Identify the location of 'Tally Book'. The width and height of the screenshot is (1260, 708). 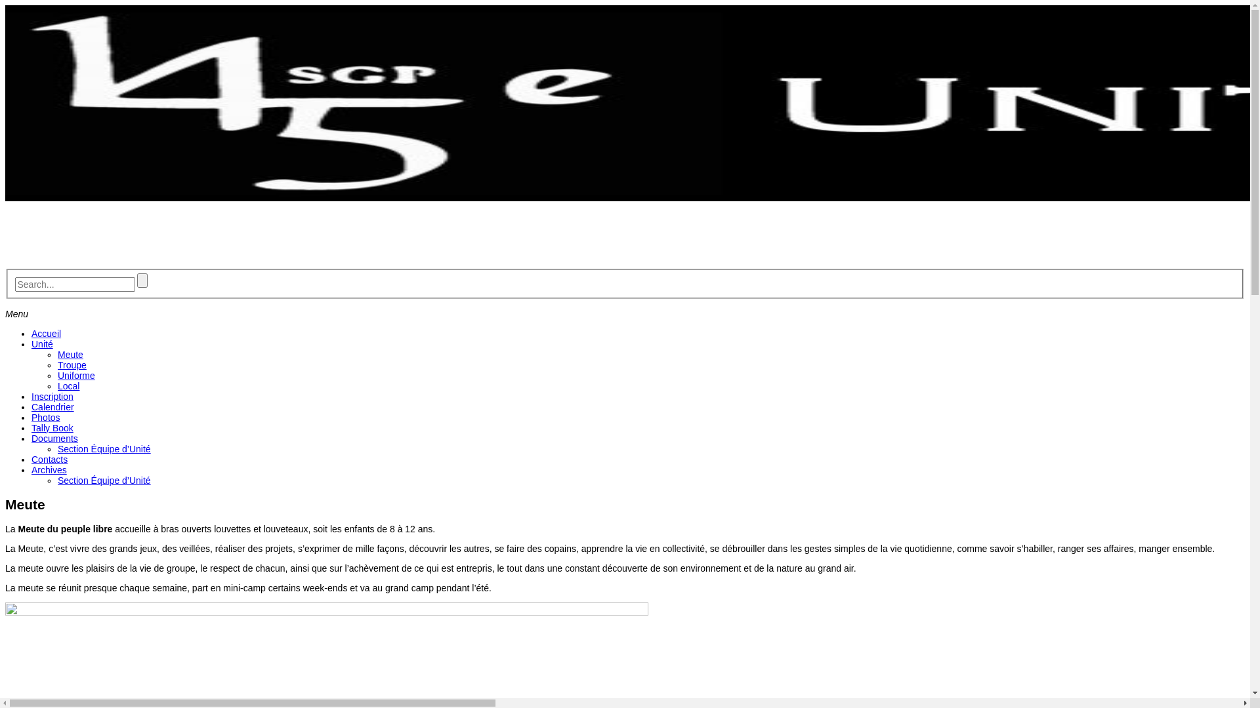
(52, 427).